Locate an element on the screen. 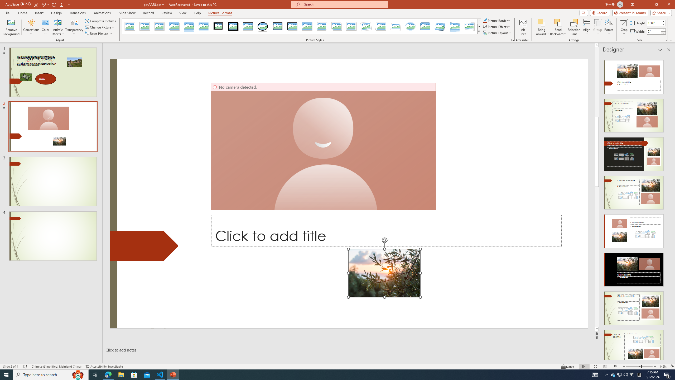 The width and height of the screenshot is (675, 380). 'Rotate' is located at coordinates (609, 27).